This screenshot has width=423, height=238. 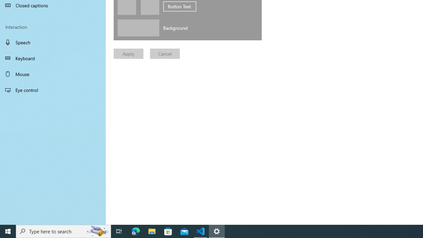 I want to click on 'Cancel', so click(x=165, y=53).